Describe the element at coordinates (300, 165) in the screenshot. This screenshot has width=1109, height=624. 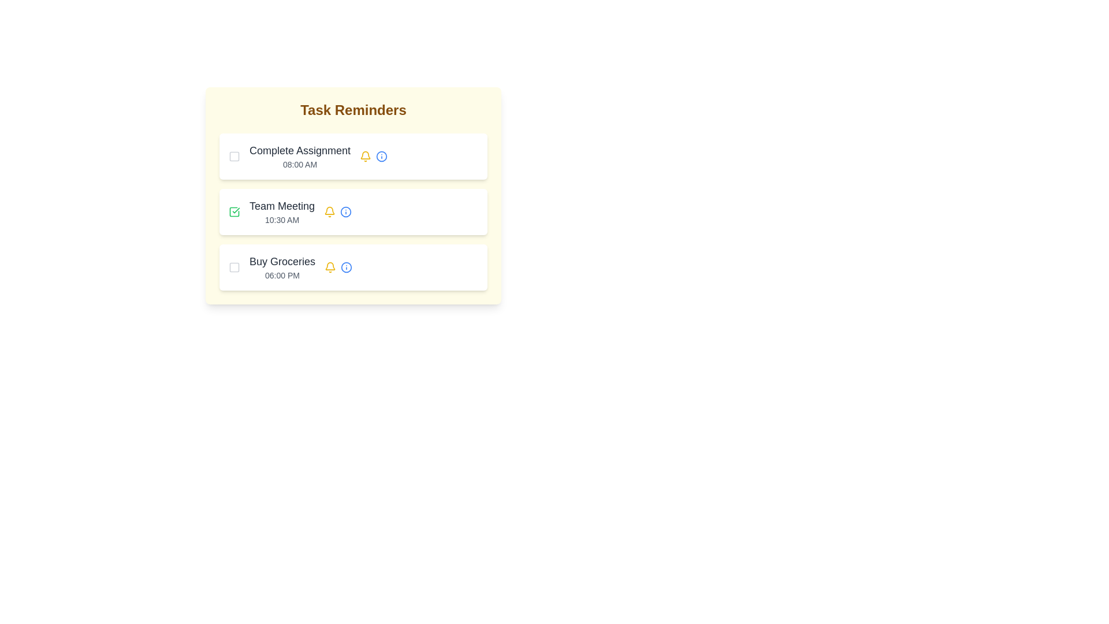
I see `the text label displaying '08:00 AM', which is located below the heading 'Complete Assignment' in the 'Task Reminders' list` at that location.